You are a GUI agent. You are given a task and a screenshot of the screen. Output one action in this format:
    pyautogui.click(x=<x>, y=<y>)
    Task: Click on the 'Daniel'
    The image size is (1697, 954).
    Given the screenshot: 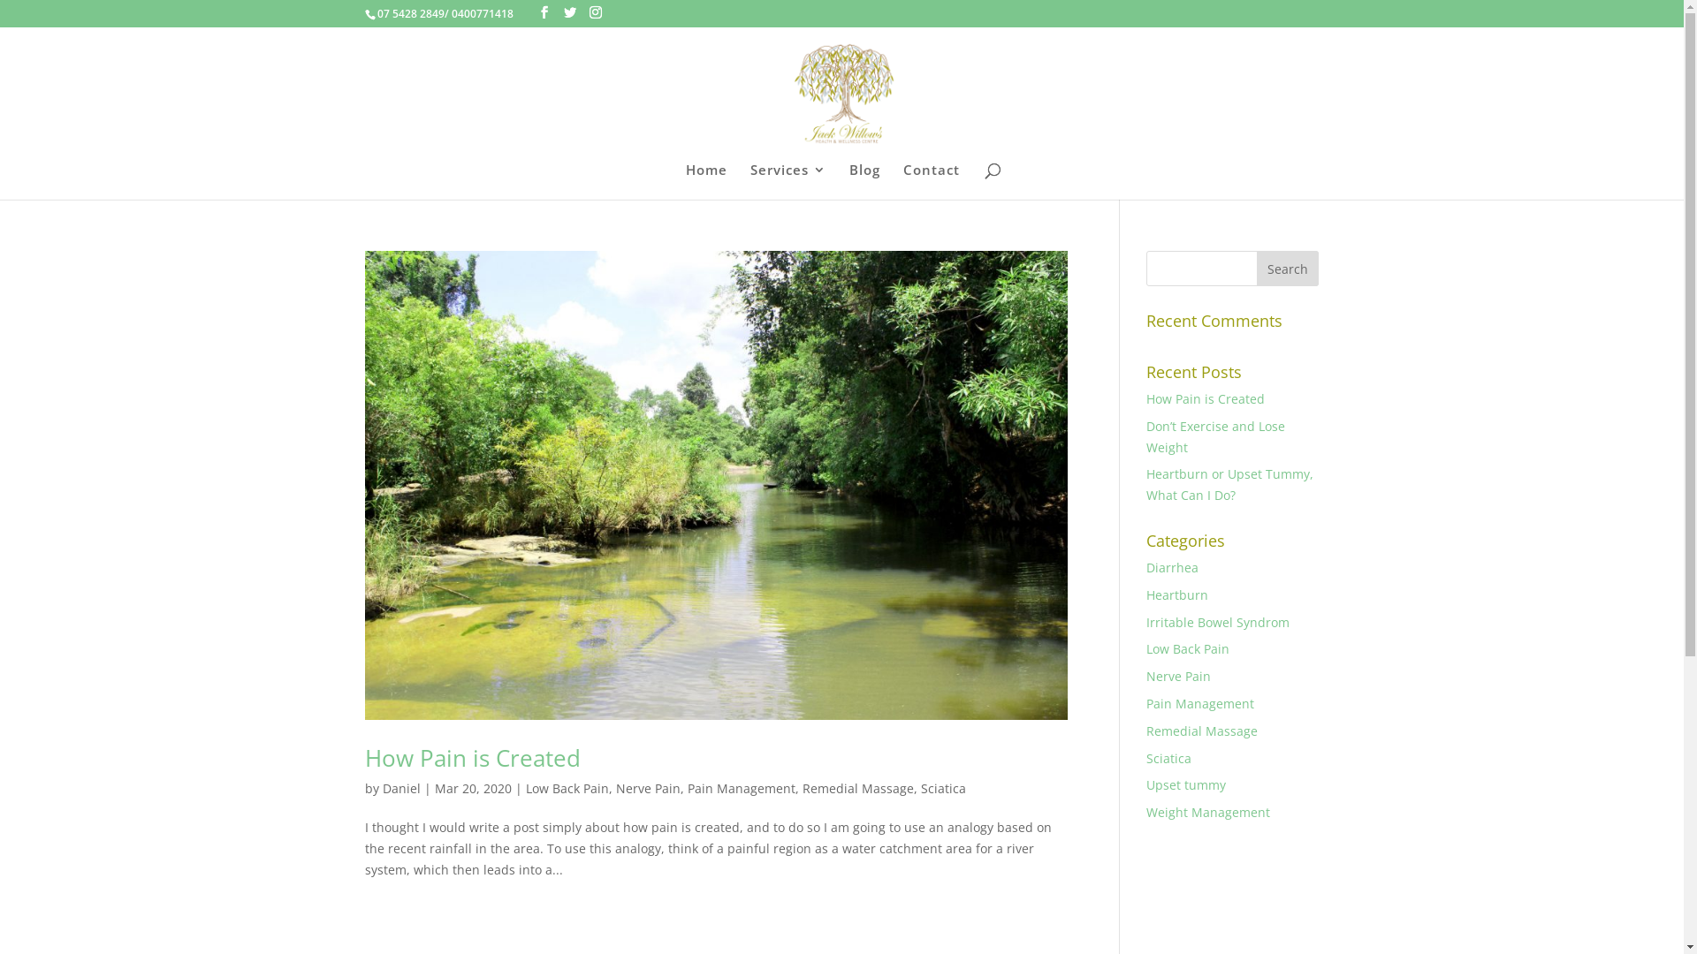 What is the action you would take?
    pyautogui.click(x=400, y=787)
    